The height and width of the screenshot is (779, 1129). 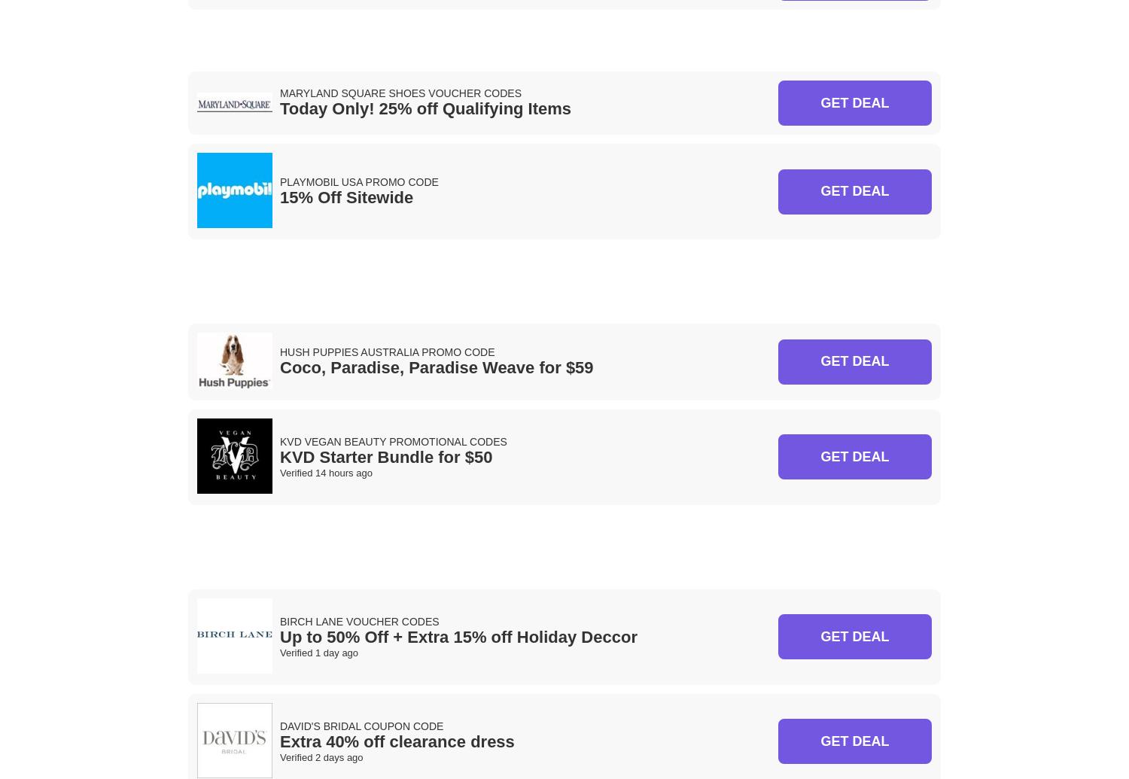 I want to click on 'Verified 14 hours ago', so click(x=279, y=471).